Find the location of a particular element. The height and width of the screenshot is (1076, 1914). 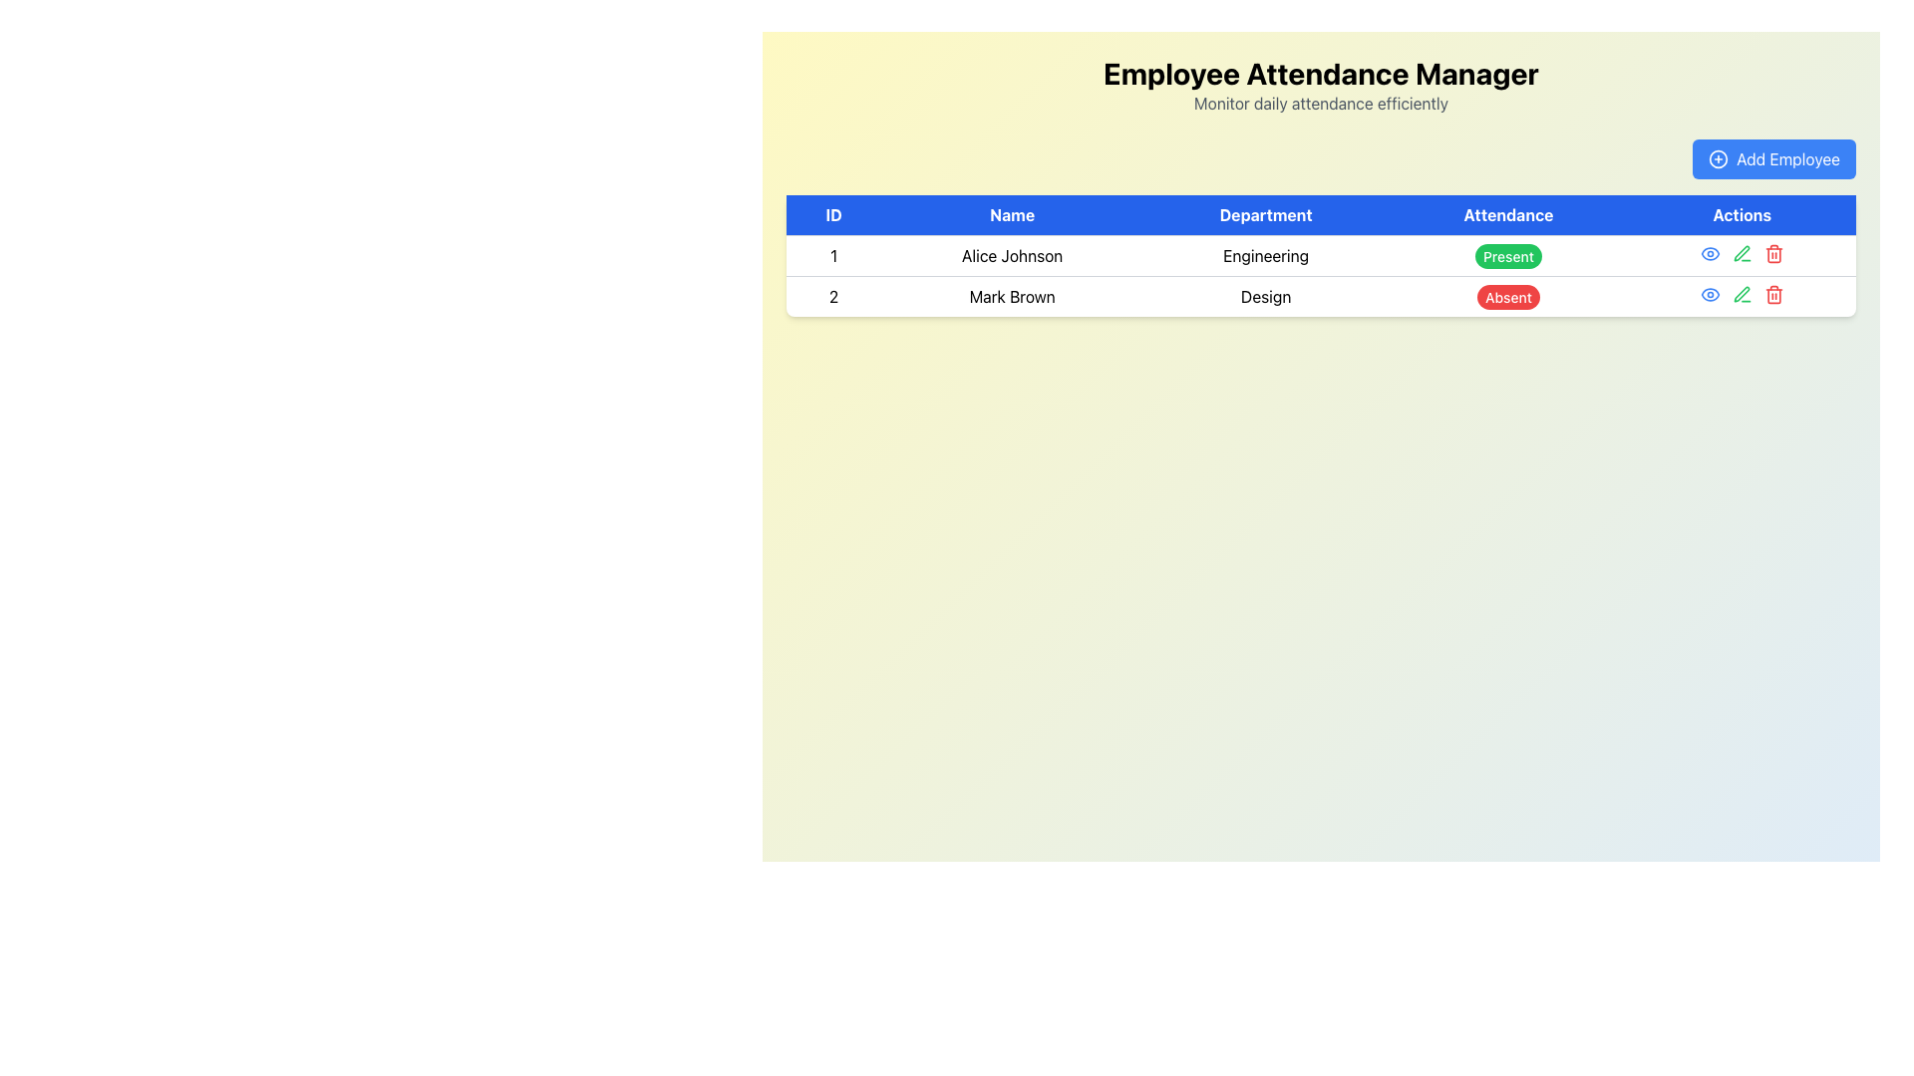

the first icon button in the second row's 'Actions' column of the table is located at coordinates (1709, 252).